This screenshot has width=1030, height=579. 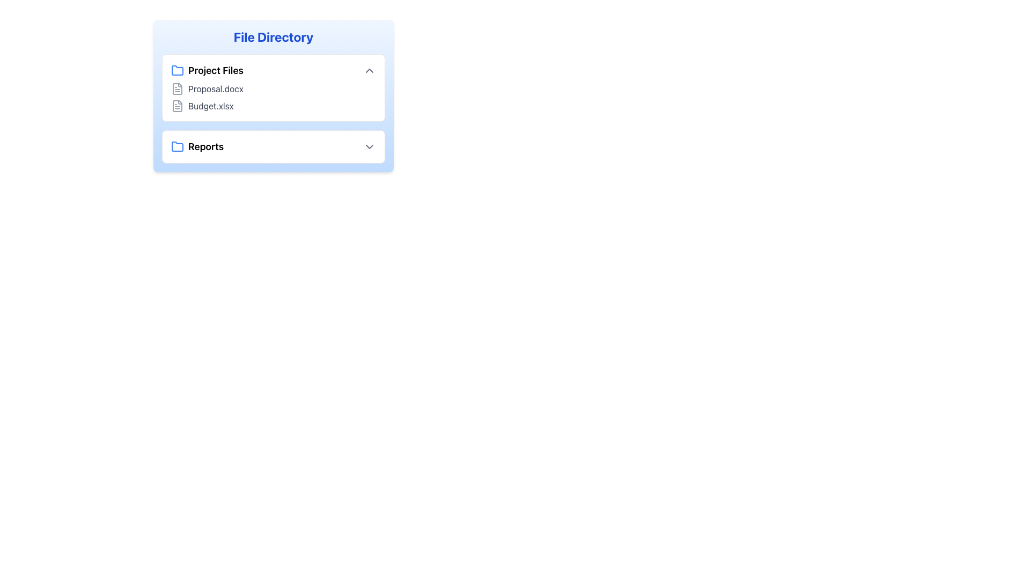 What do you see at coordinates (178, 146) in the screenshot?
I see `the folder icon with a light blue outline located to the left of the 'Reports' text` at bounding box center [178, 146].